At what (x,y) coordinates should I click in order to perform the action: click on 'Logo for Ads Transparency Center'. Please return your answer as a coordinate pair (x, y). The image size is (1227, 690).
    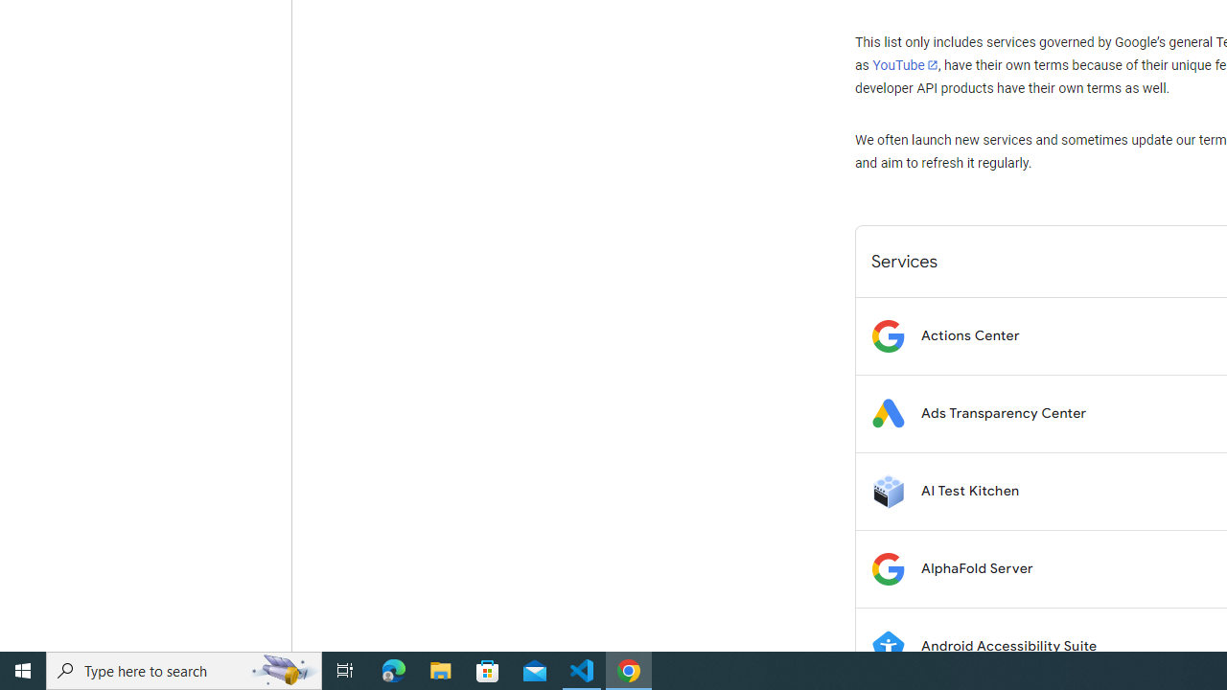
    Looking at the image, I should click on (887, 412).